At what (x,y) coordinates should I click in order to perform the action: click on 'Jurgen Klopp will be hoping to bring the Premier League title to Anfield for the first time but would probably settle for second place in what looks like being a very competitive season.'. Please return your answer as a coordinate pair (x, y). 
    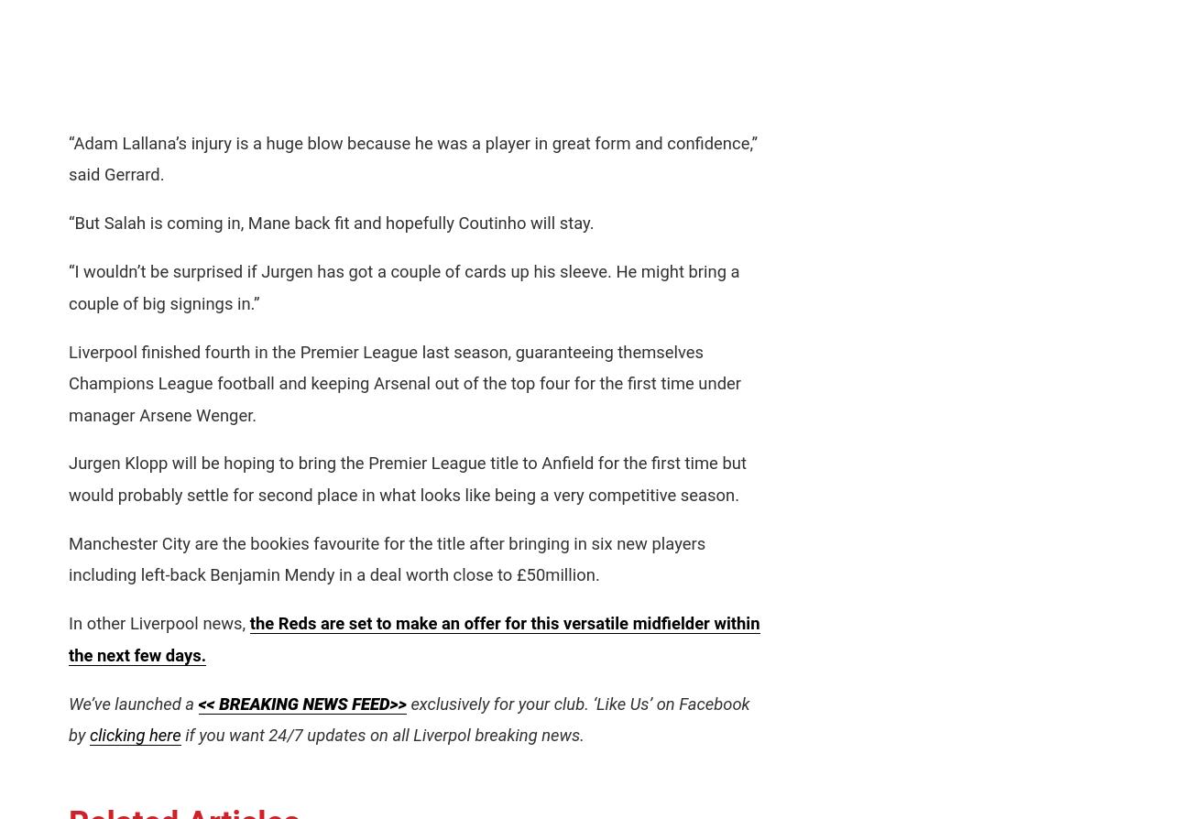
    Looking at the image, I should click on (69, 478).